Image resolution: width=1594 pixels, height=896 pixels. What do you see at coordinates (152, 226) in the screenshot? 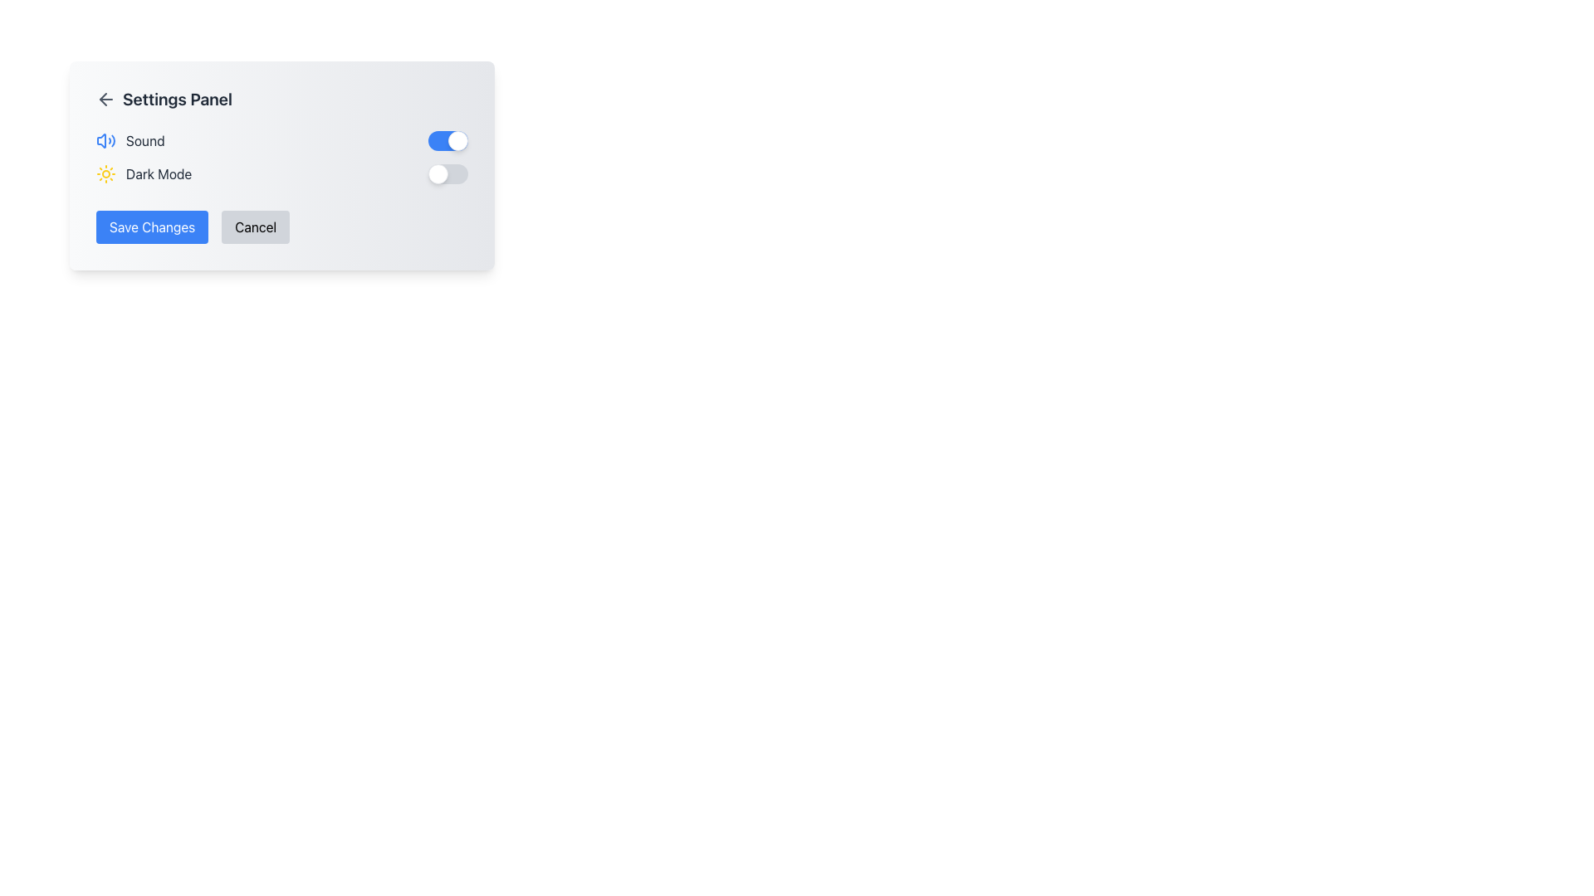
I see `the save button located in the lower-left corner of the Settings Panel` at bounding box center [152, 226].